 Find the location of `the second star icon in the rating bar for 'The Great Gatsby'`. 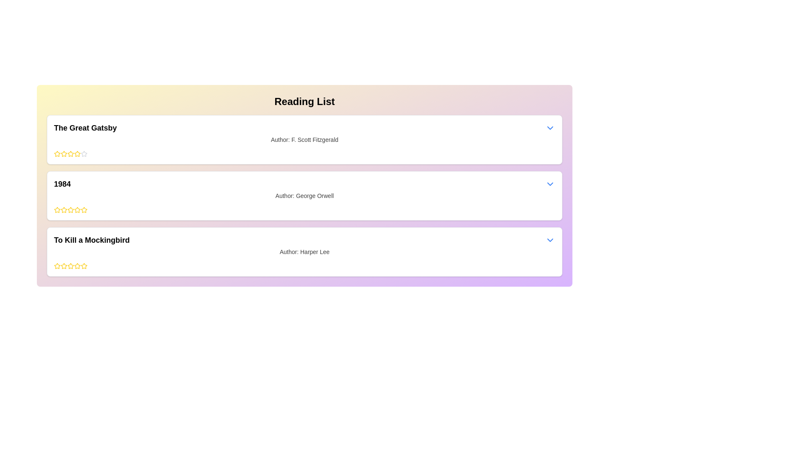

the second star icon in the rating bar for 'The Great Gatsby' is located at coordinates (70, 154).